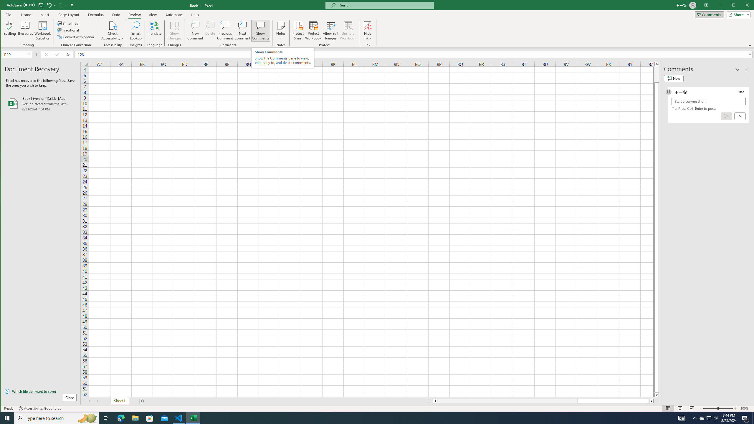 Image resolution: width=754 pixels, height=424 pixels. Describe the element at coordinates (260, 30) in the screenshot. I see `'Show Comments'` at that location.